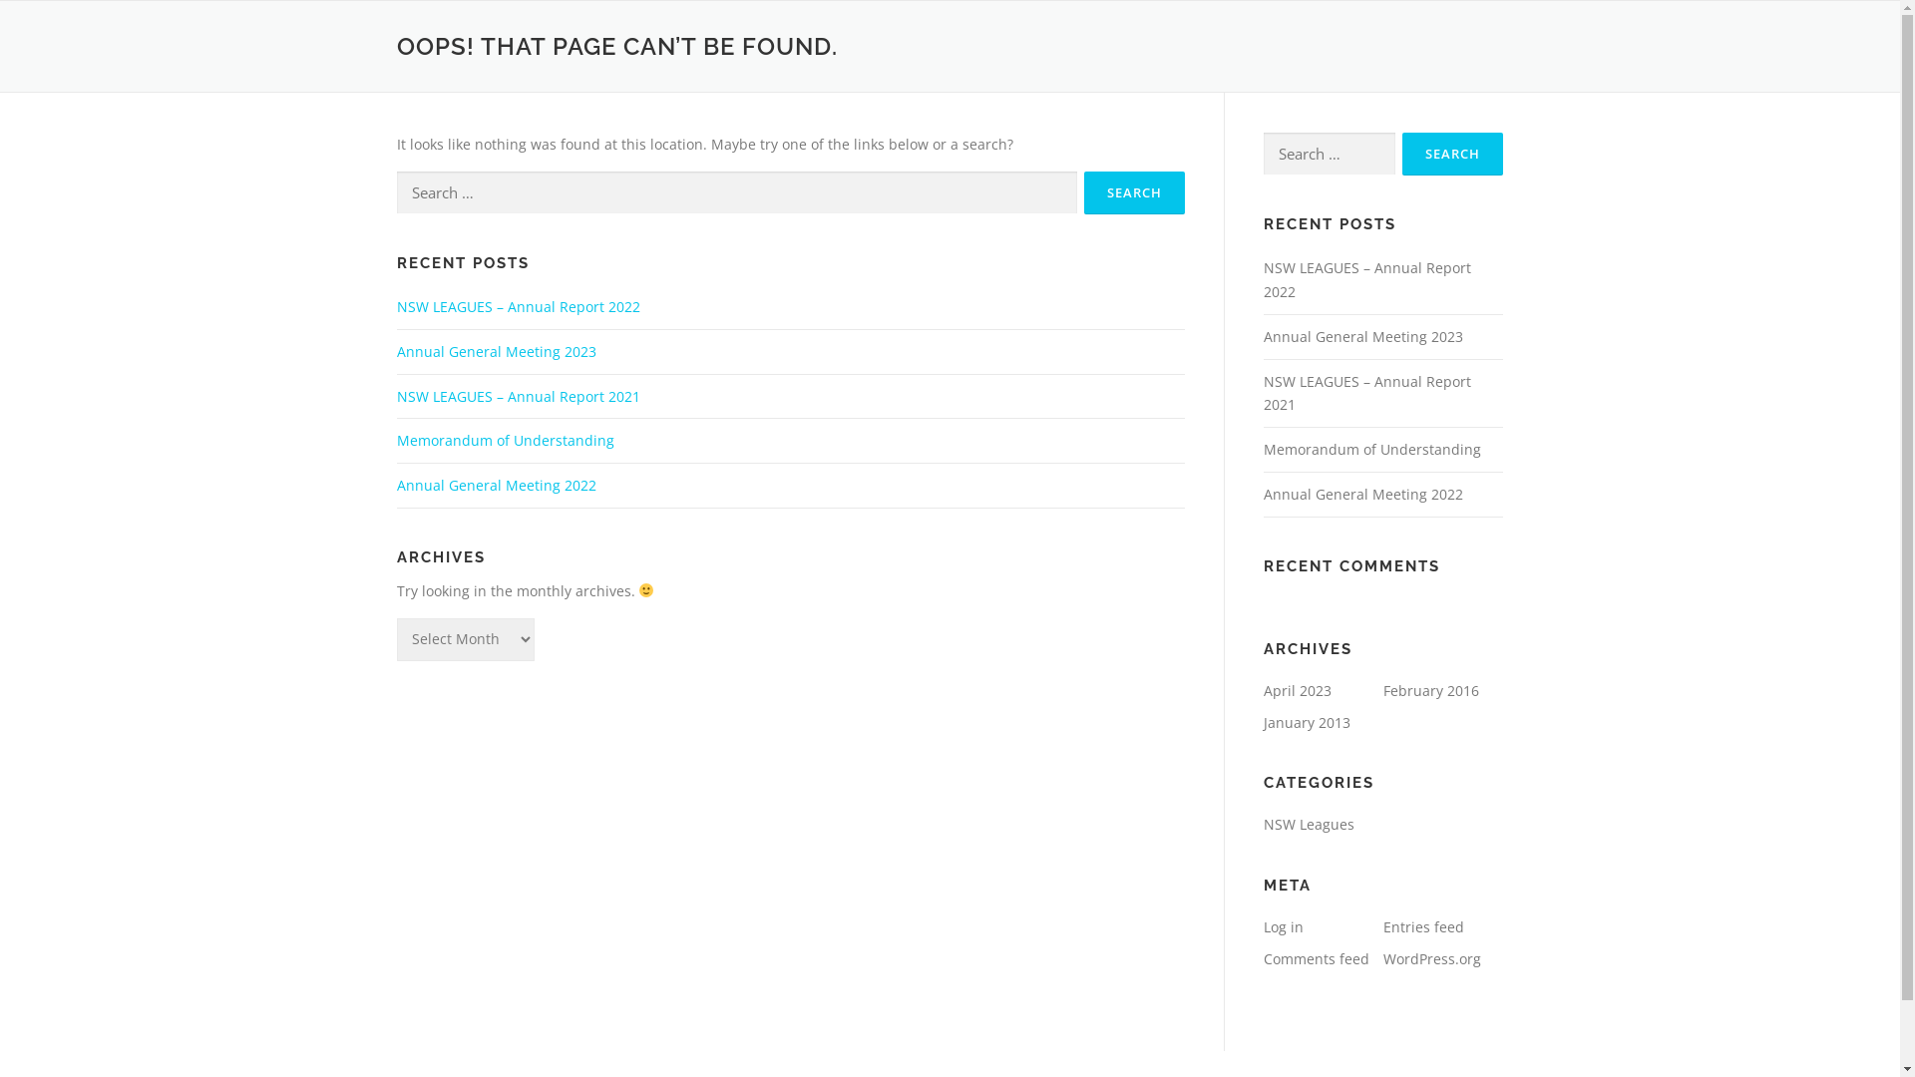 This screenshot has height=1077, width=1915. Describe the element at coordinates (1297, 689) in the screenshot. I see `'April 2023'` at that location.